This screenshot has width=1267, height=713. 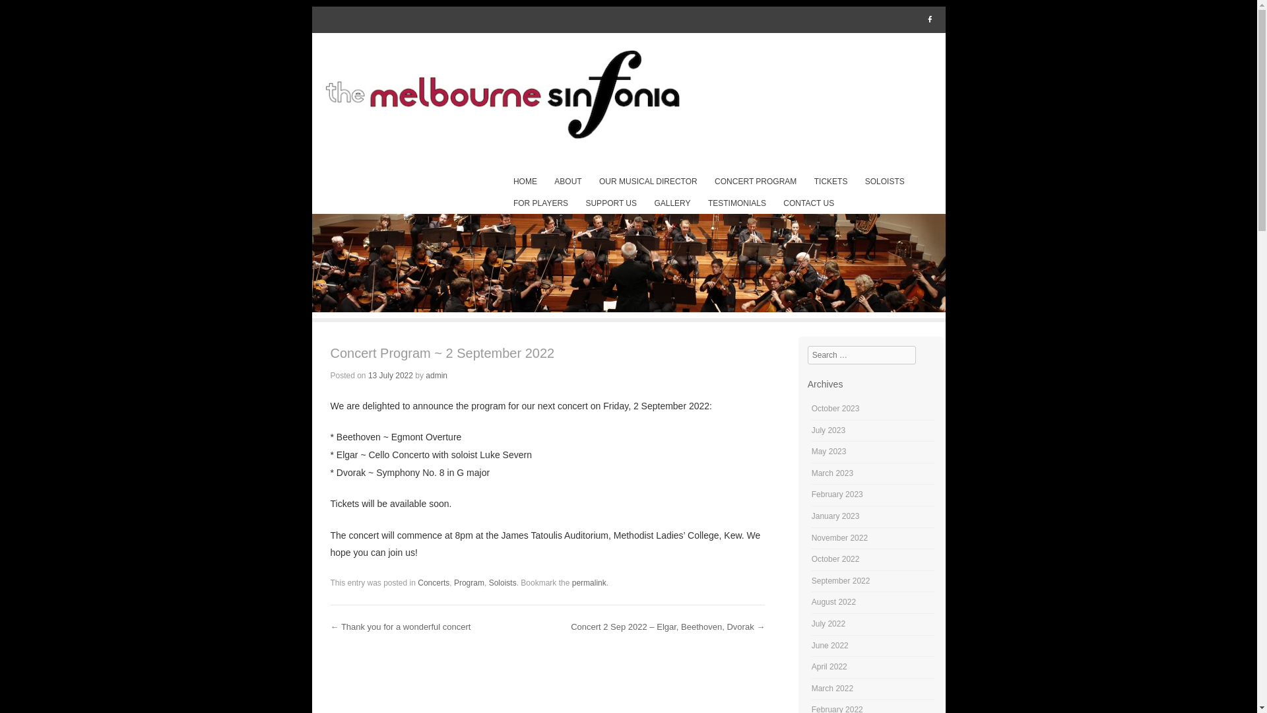 I want to click on 'October 2022', so click(x=835, y=559).